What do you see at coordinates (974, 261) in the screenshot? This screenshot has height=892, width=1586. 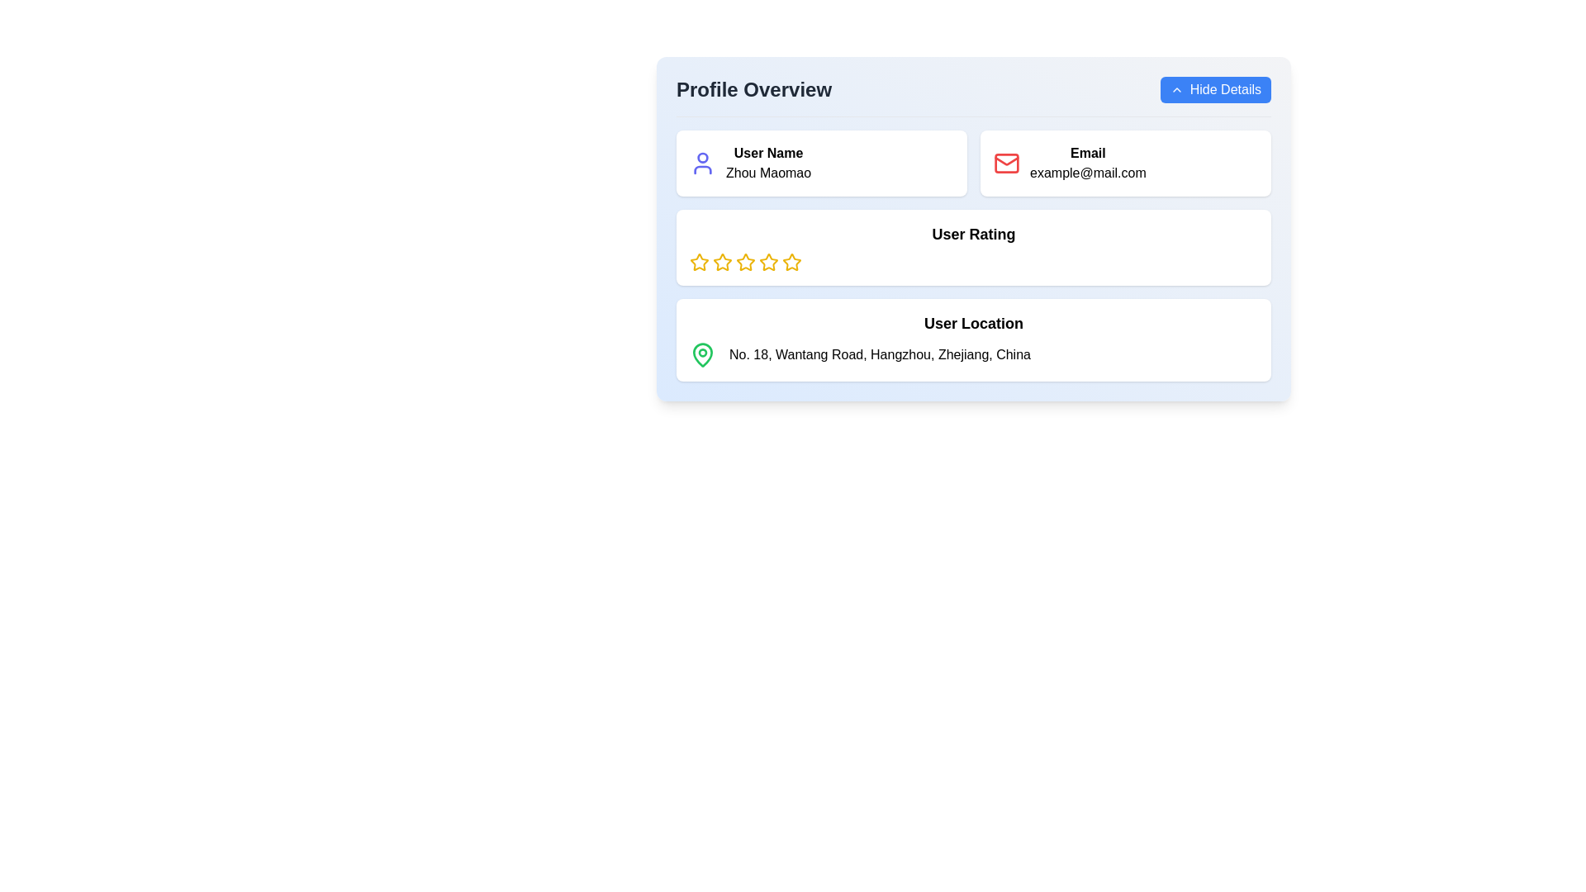 I see `each of the five yellow star icons in the Rating indicator located in the 'User Rating' section of the 'Profile Overview' card` at bounding box center [974, 261].